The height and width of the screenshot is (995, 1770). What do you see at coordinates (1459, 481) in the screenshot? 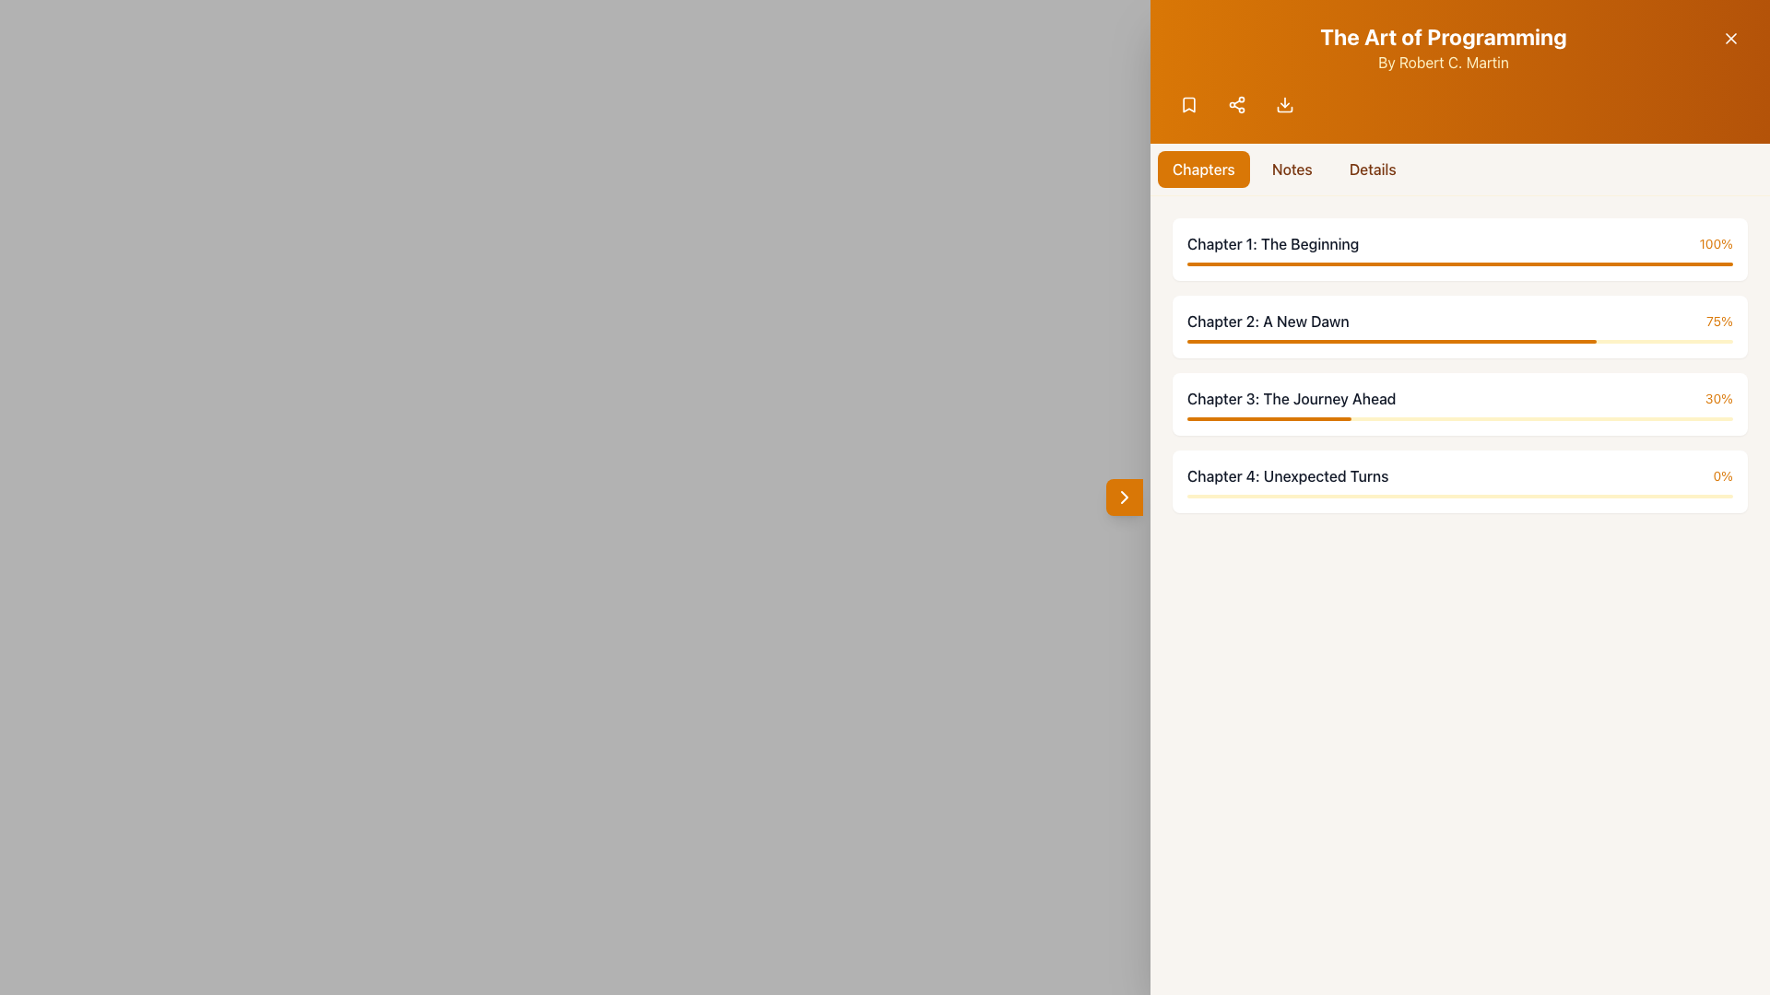
I see `the fourth informational card with progress indicator, which represents a chapter in the book or course module, located at the bottom of the list` at bounding box center [1459, 481].